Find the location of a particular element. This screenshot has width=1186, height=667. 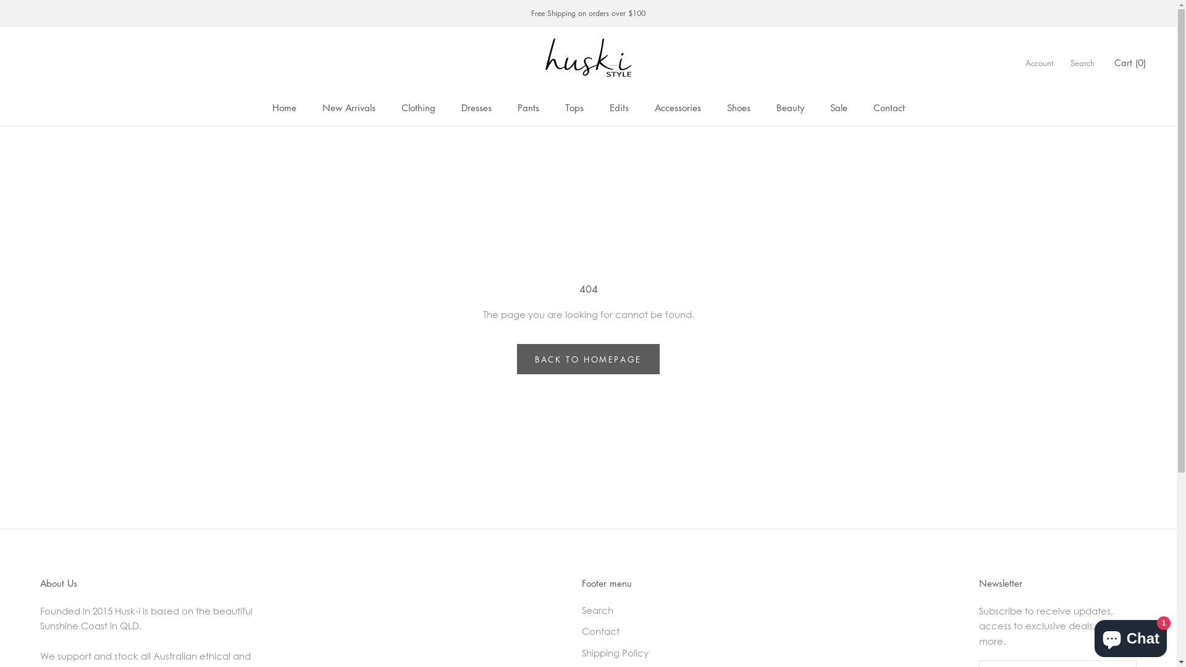

'Beauty' is located at coordinates (789, 106).